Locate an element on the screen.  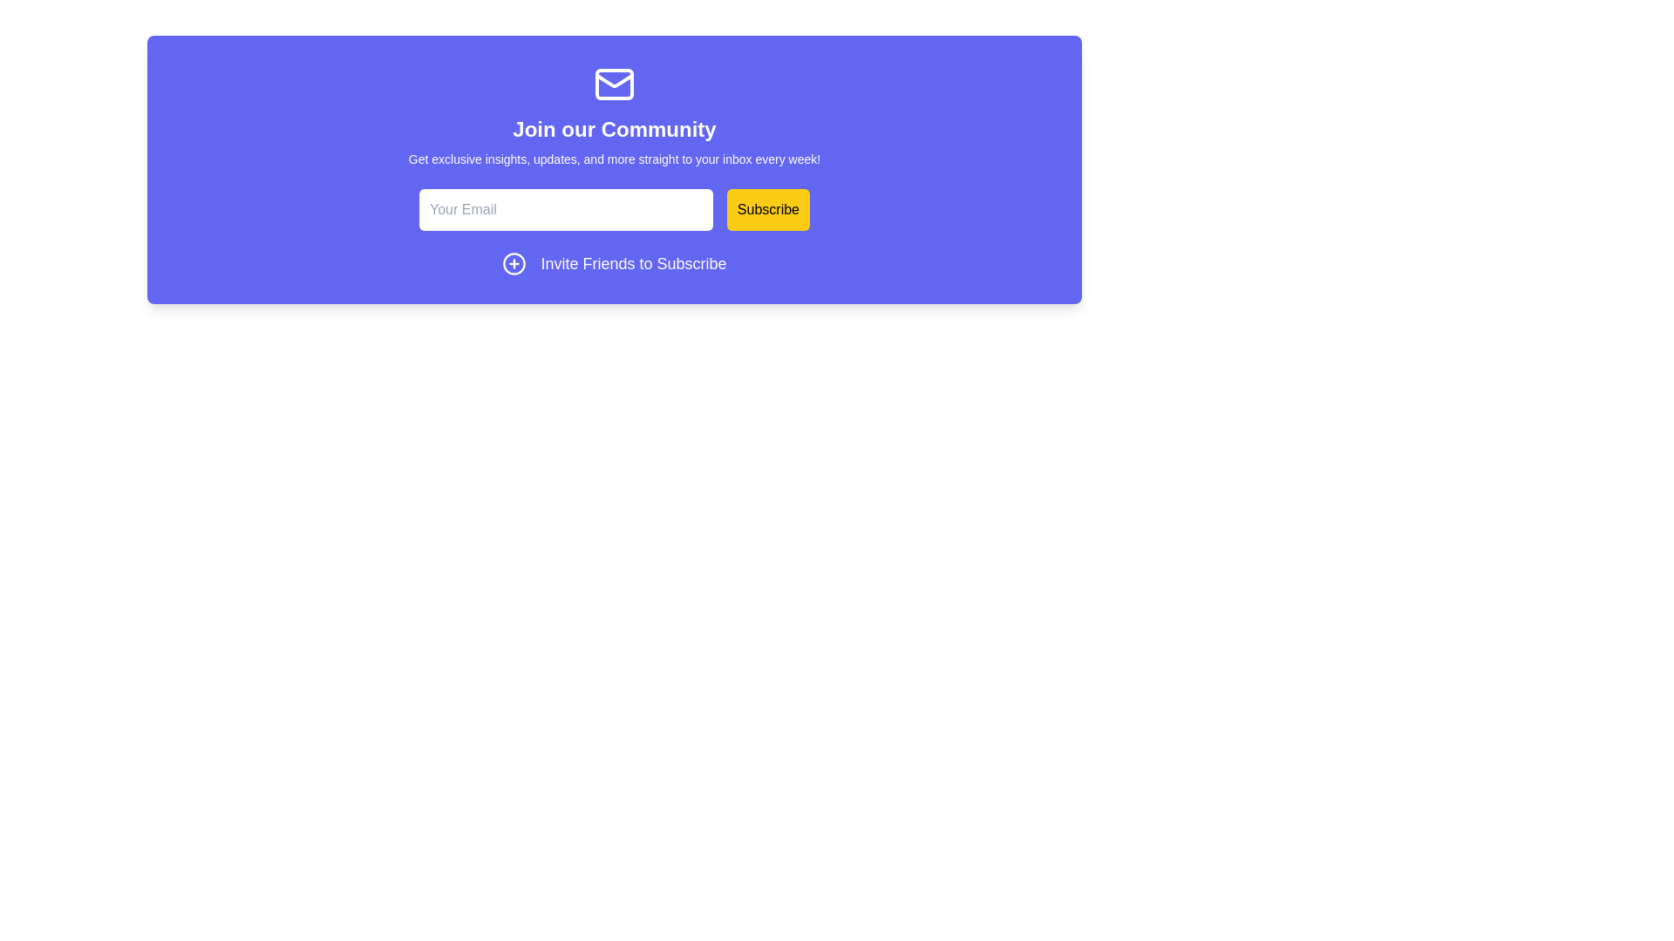
the 'Invite Friends to Subscribe' button, which features a circled plus sign icon and white text on a violet background is located at coordinates (615, 264).